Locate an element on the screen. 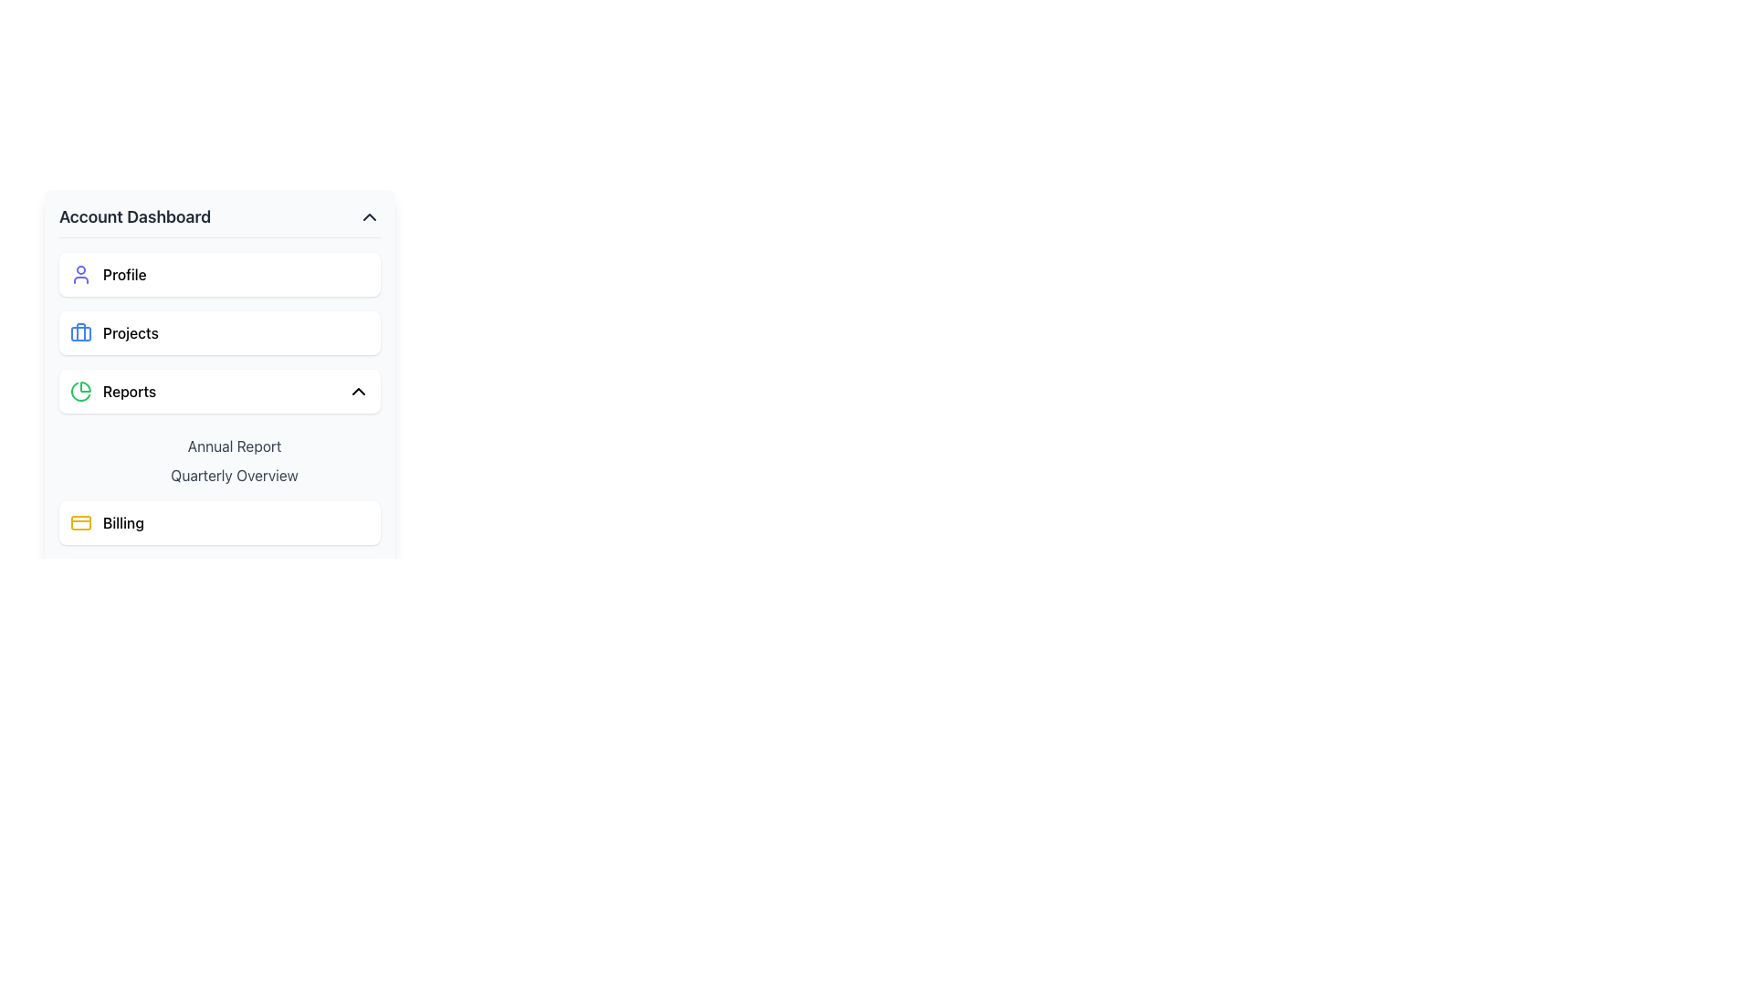 The image size is (1753, 986). the 'Billing' menu icon represented by a rectangular shape with rounded corners, located at the bottom of the navigation panel in the 'Account Dashboard' is located at coordinates (80, 523).